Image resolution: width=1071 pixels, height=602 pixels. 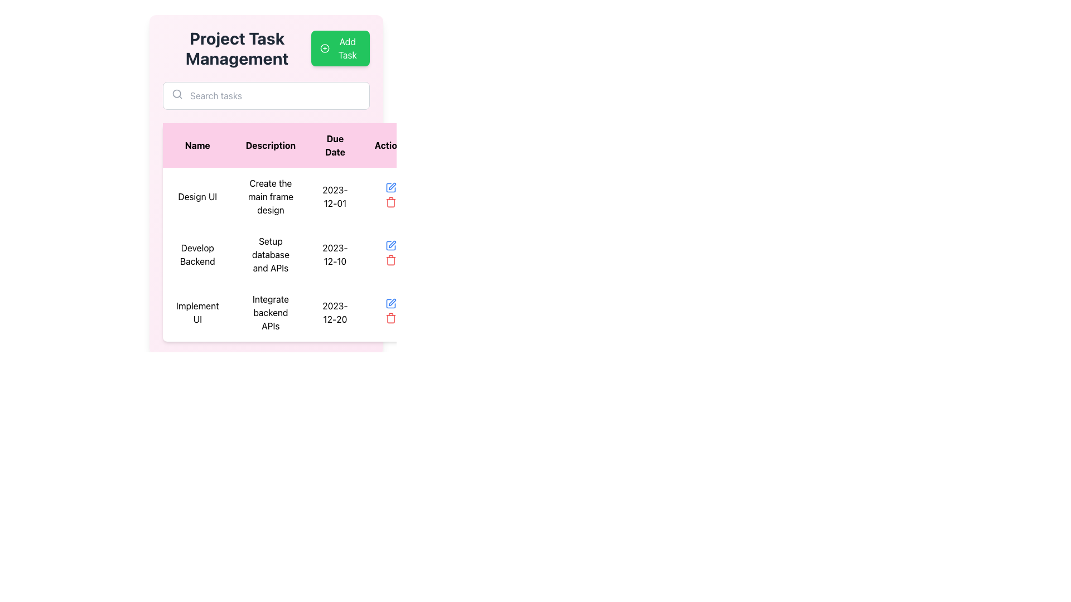 What do you see at coordinates (292, 196) in the screenshot?
I see `the first row of the task list table under the 'Project Task Management' header` at bounding box center [292, 196].